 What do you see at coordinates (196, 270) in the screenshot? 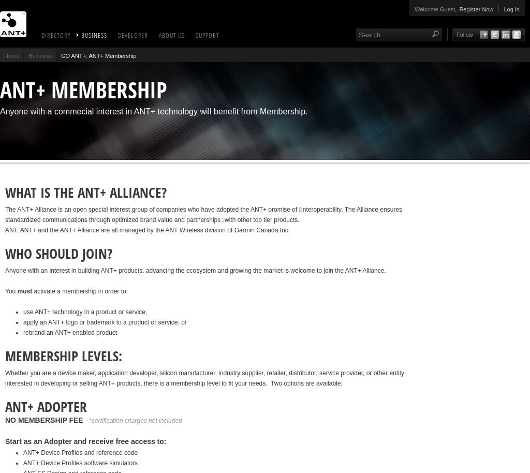
I see `'Anyone with an interest in building ANT+ products, advancing the ecosystem and growing the market is welcome to join the ANT+ Alliance.'` at bounding box center [196, 270].